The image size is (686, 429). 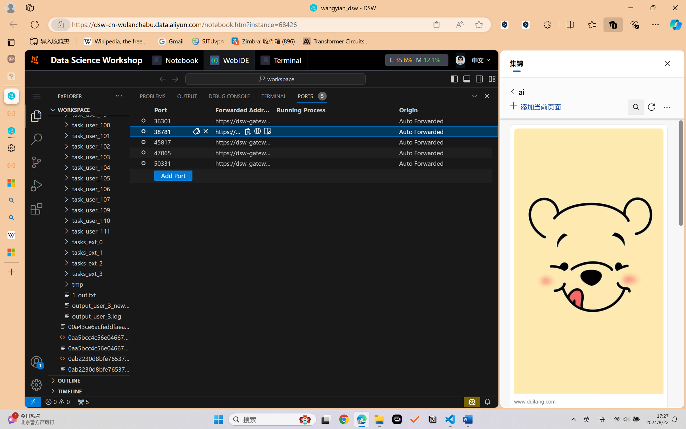 I want to click on 'Search (Ctrl+Shift+F)', so click(x=36, y=139).